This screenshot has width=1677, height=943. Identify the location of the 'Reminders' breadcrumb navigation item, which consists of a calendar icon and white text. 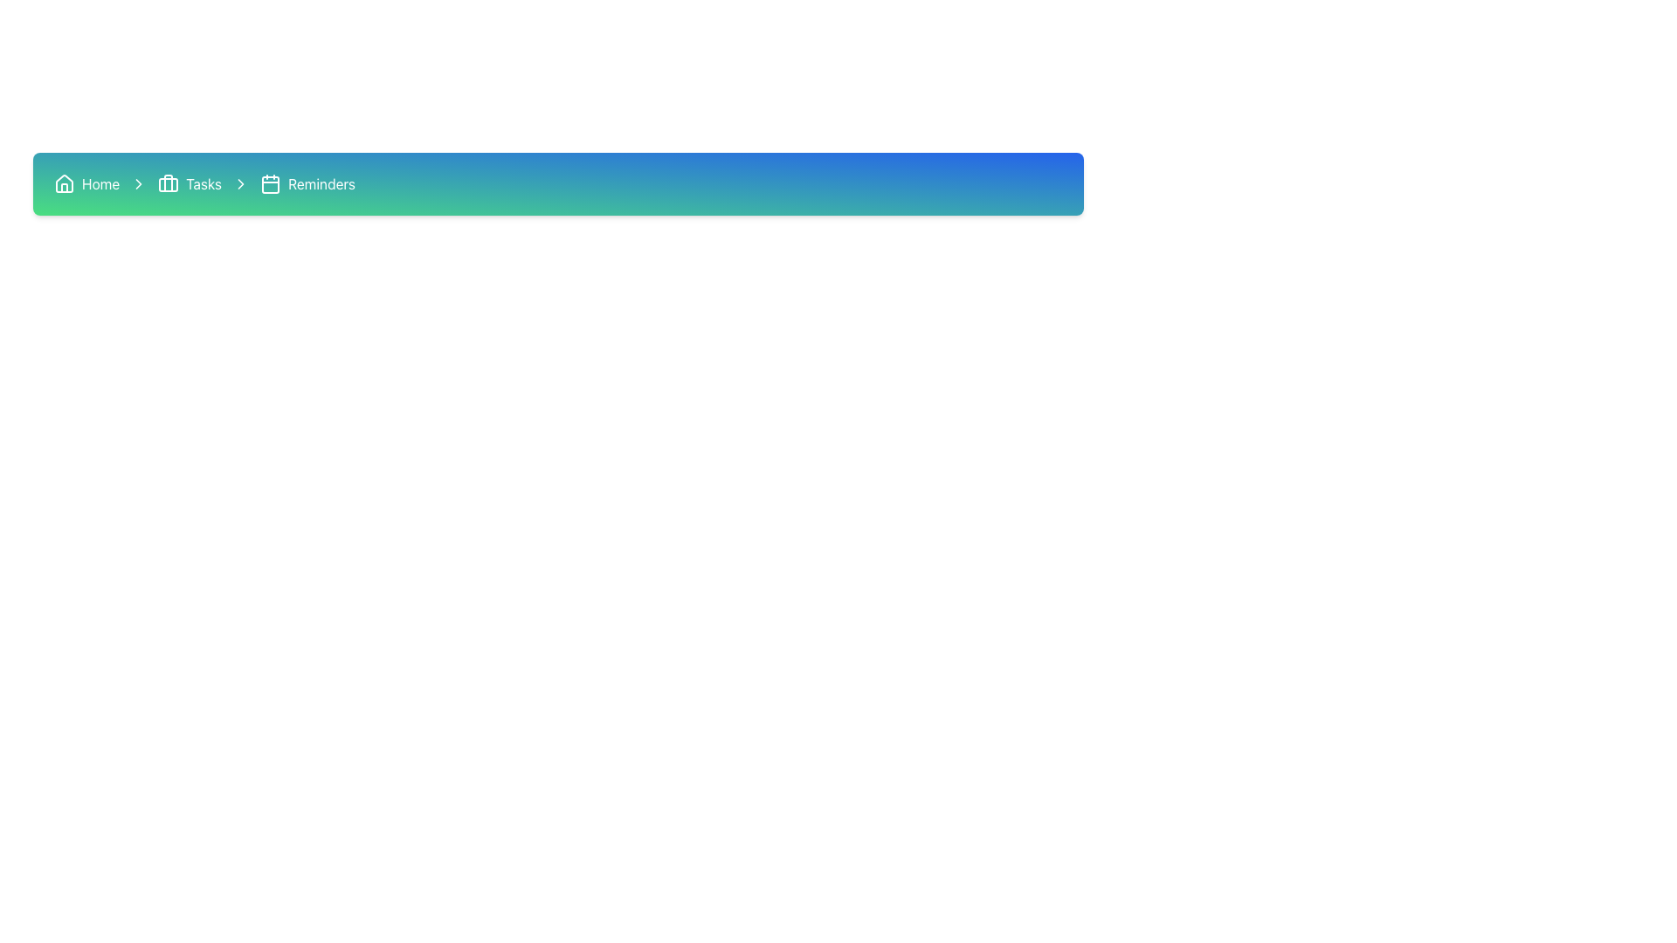
(307, 184).